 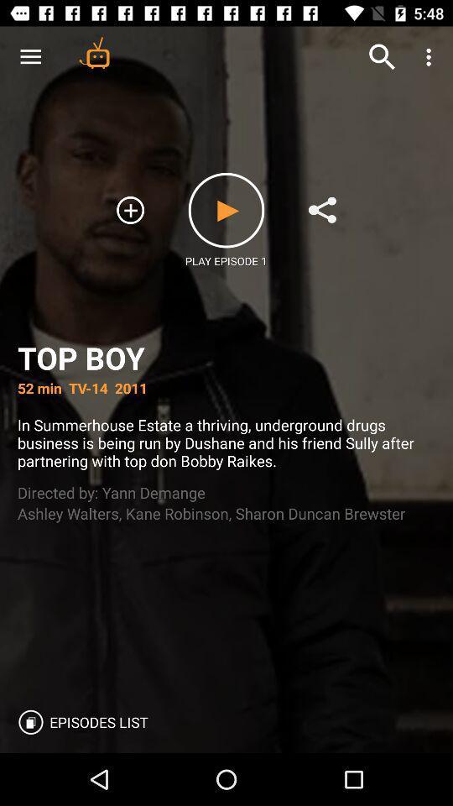 I want to click on the add icon, so click(x=129, y=209).